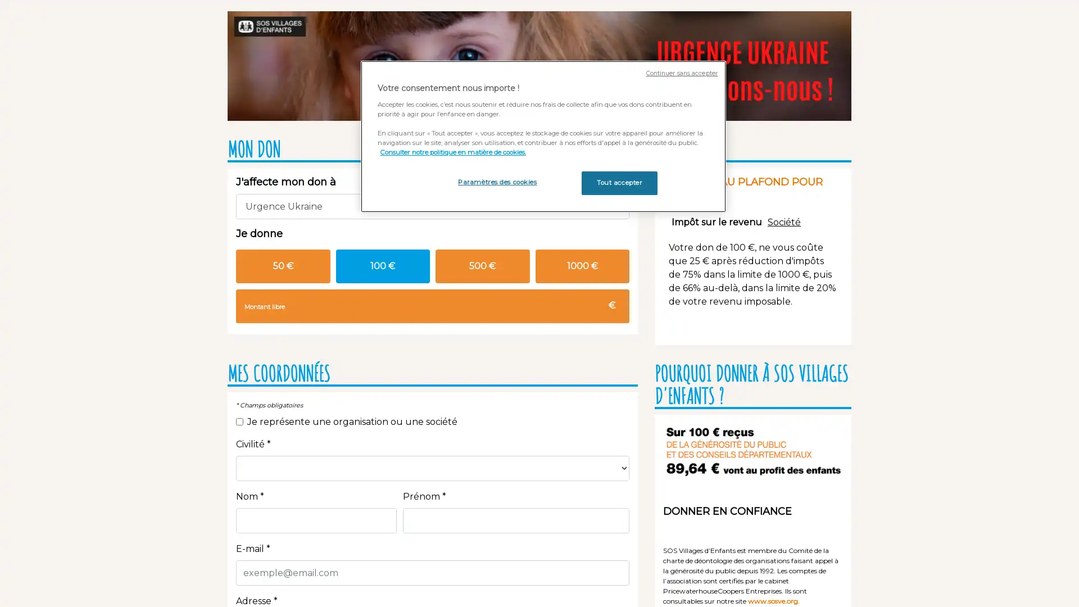 The height and width of the screenshot is (607, 1079). Describe the element at coordinates (582, 266) in the screenshot. I see `1000` at that location.